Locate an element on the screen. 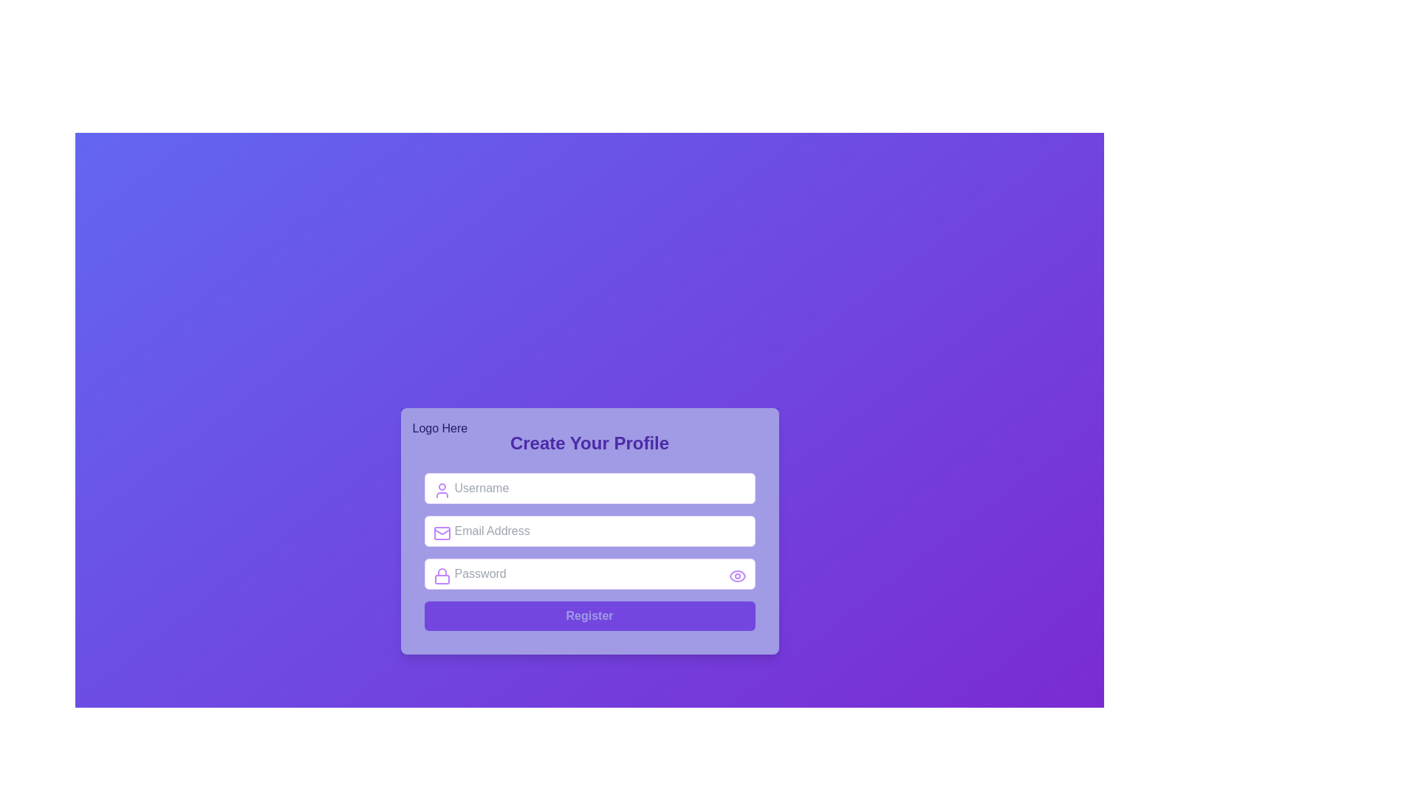 The width and height of the screenshot is (1418, 797). the small button with a purple eye icon, which is styled as a rounded rectangle and is positioned near the right edge of the password input field is located at coordinates (737, 575).